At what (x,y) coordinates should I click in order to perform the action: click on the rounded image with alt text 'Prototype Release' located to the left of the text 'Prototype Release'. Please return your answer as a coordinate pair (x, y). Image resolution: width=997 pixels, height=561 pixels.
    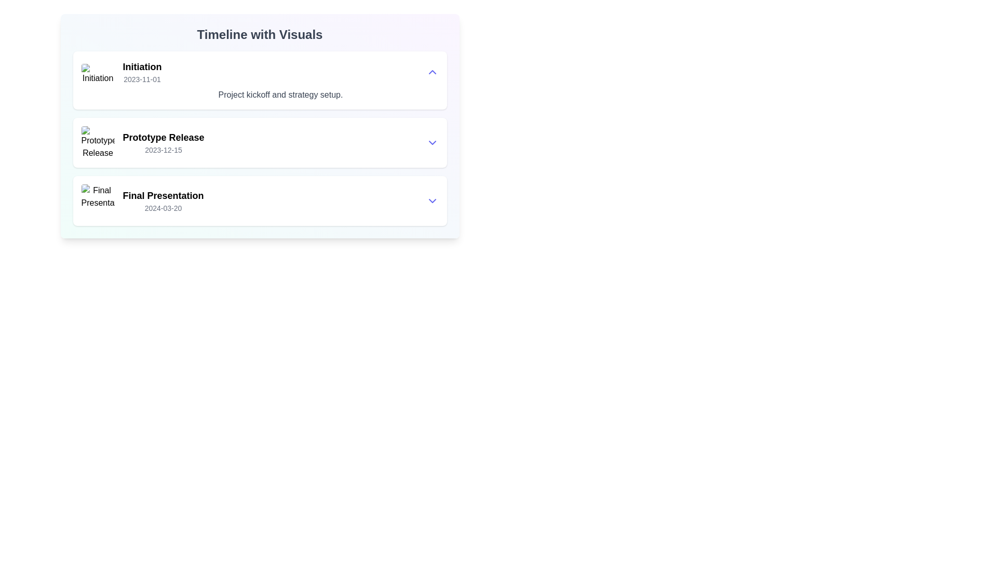
    Looking at the image, I should click on (98, 142).